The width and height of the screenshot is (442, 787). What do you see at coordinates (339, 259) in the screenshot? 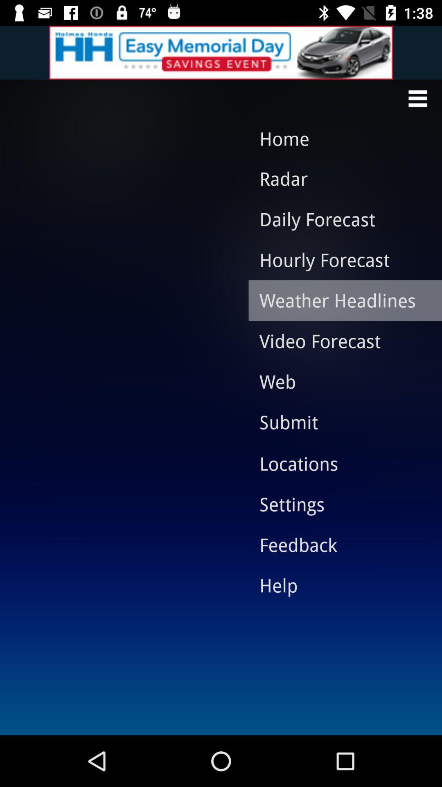
I see `the icon above weather headlines` at bounding box center [339, 259].